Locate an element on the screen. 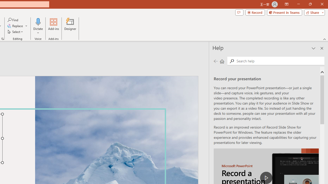  'Dictate' is located at coordinates (38, 21).